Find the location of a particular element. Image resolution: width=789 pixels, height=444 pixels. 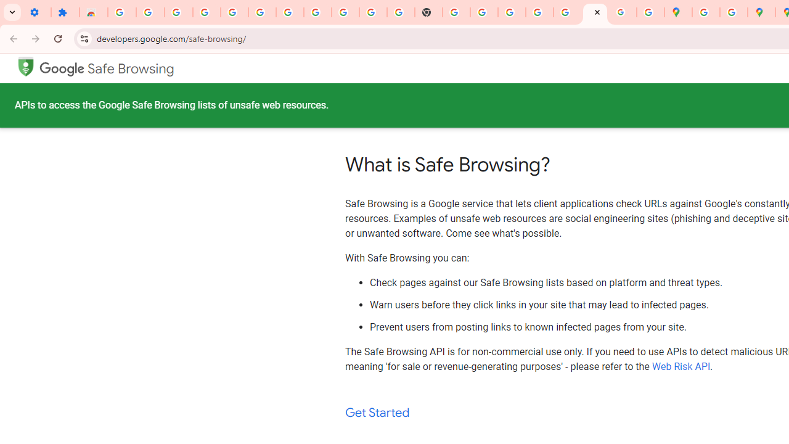

'Reviews: Helix Fruit Jump Arcade Game' is located at coordinates (93, 12).